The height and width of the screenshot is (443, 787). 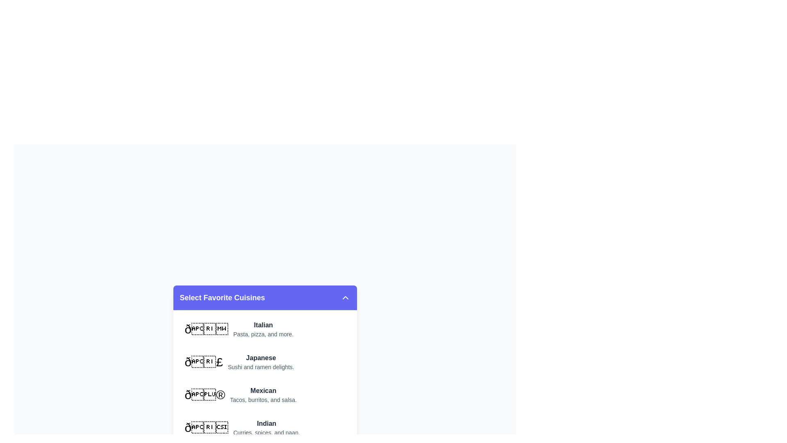 What do you see at coordinates (242, 427) in the screenshot?
I see `the last item in the list of cuisine options, which features the food emoji '🍛' followed by the bold text 'Indian' and smaller gray text 'Curries, spices, and naan,'` at bounding box center [242, 427].